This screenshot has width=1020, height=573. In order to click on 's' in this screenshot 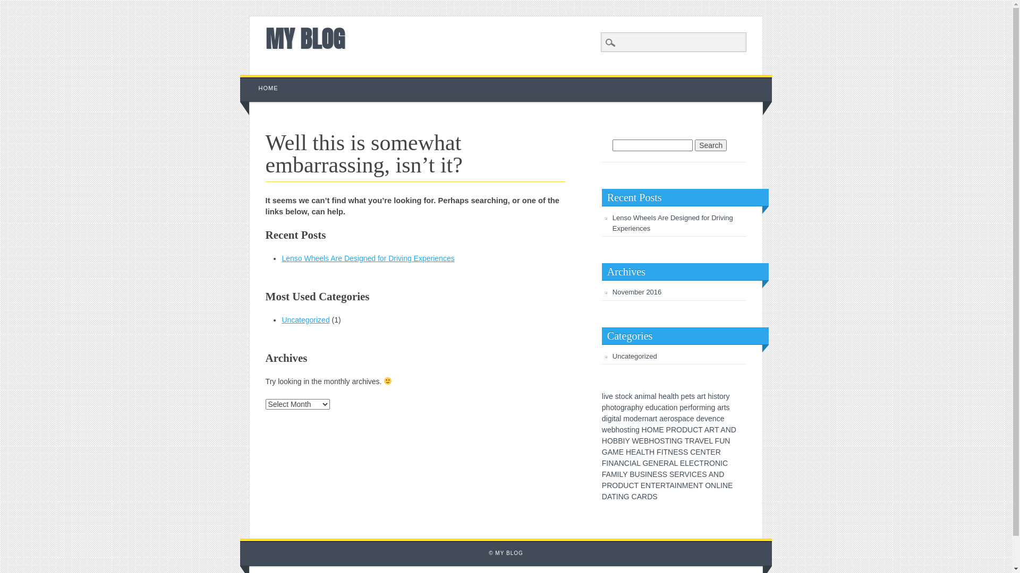, I will do `click(715, 396)`.